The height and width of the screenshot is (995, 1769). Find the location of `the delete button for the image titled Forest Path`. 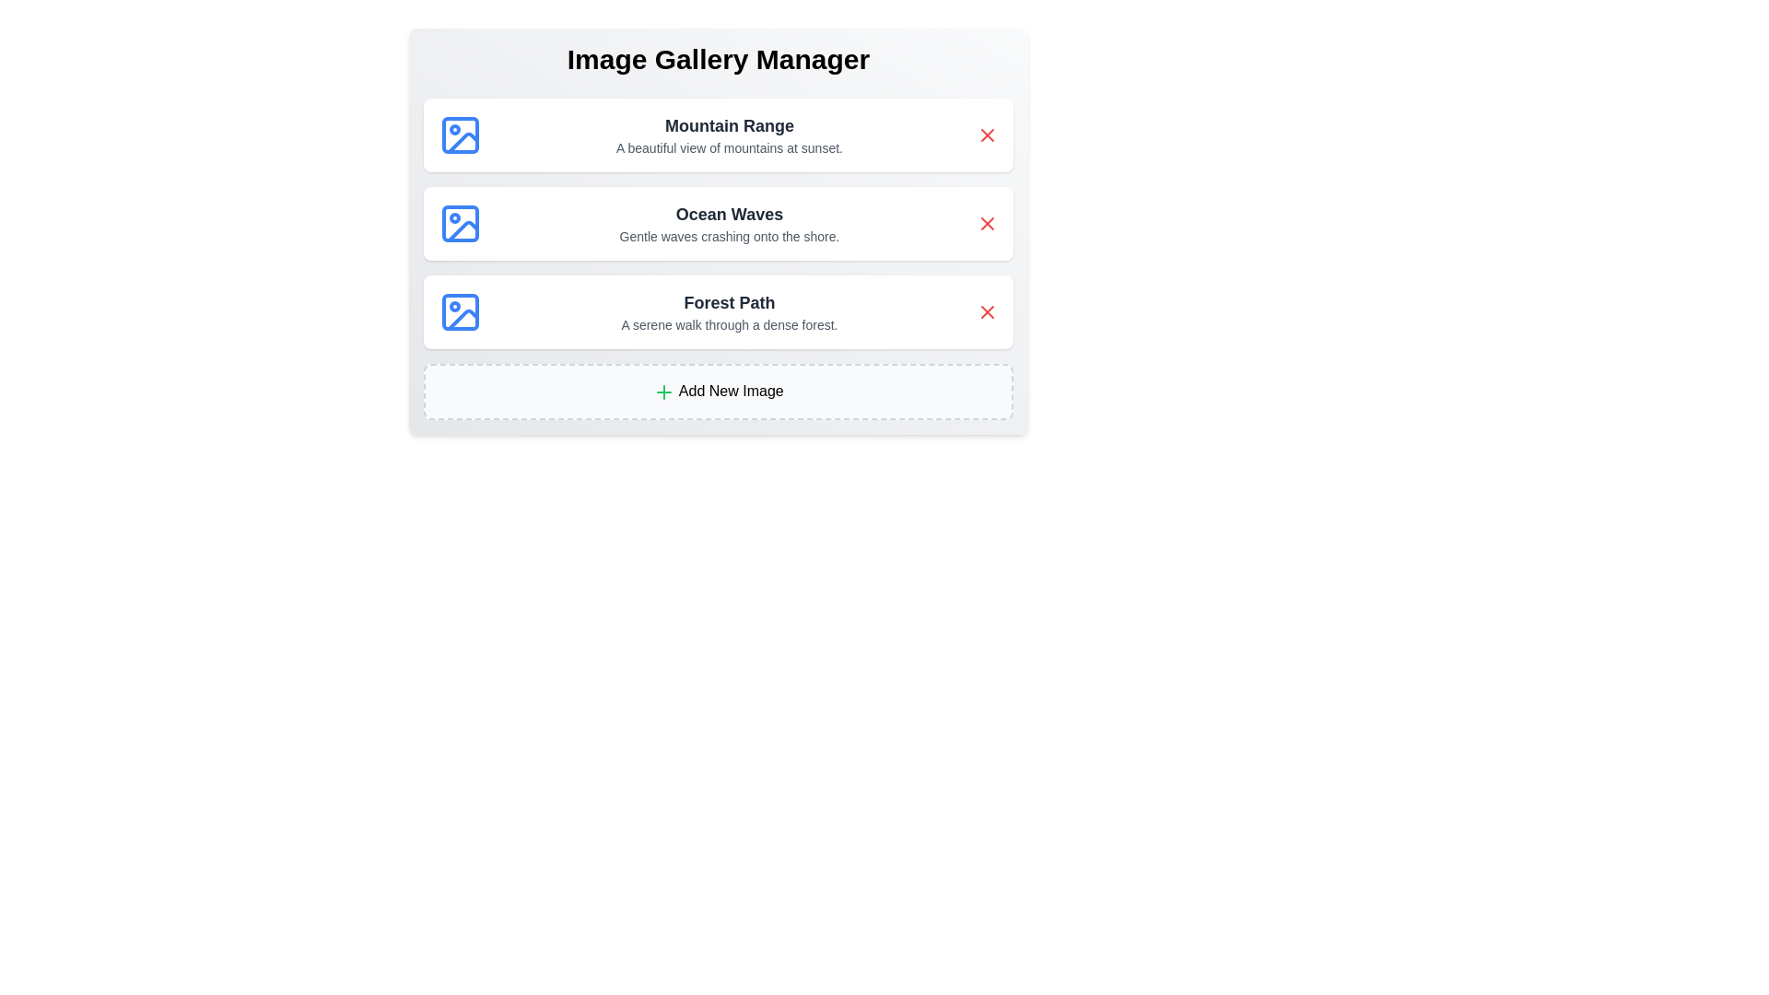

the delete button for the image titled Forest Path is located at coordinates (986, 311).